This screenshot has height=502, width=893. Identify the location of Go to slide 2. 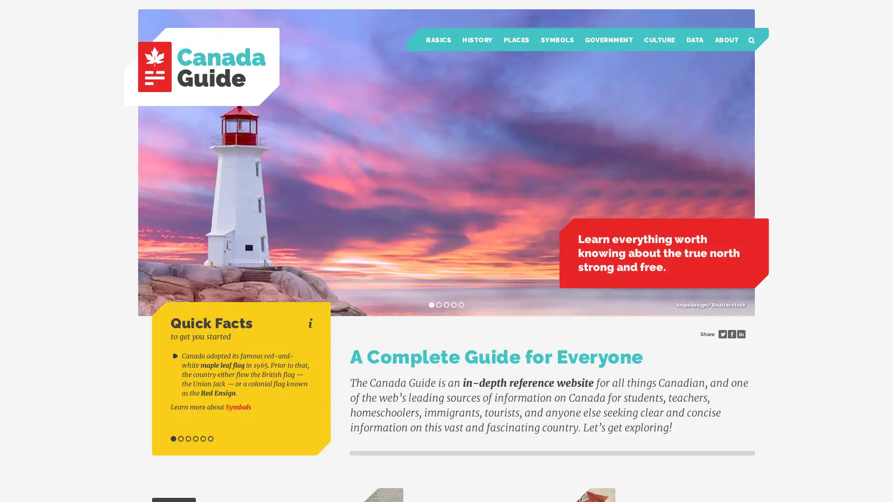
(439, 304).